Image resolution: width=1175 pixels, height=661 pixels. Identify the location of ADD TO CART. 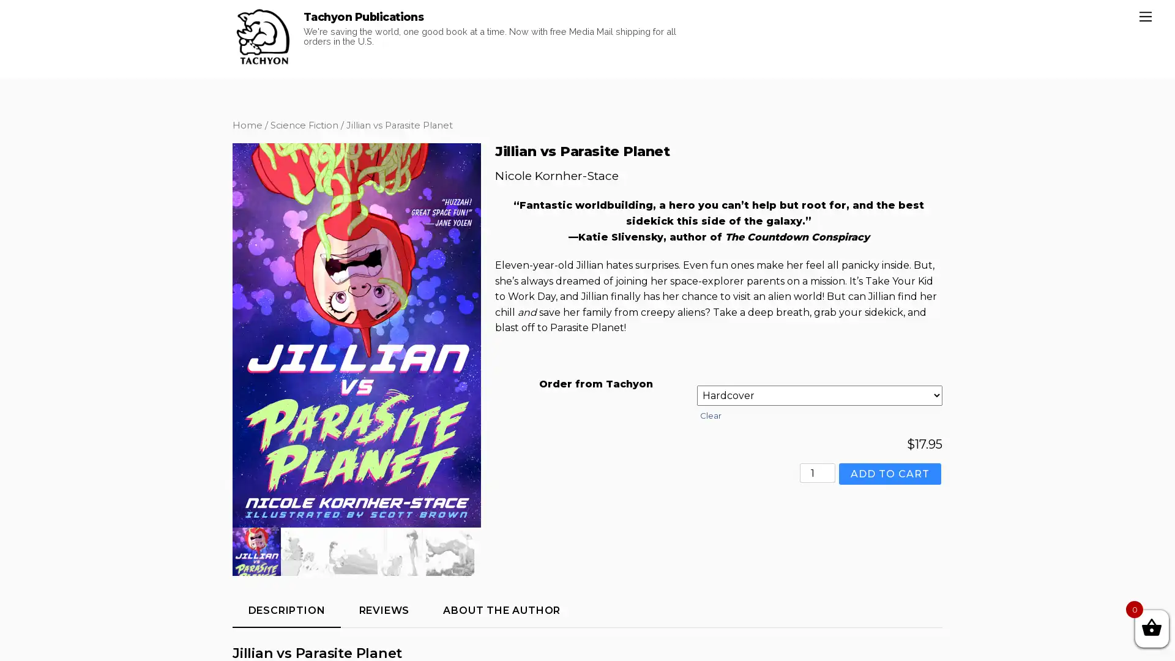
(890, 537).